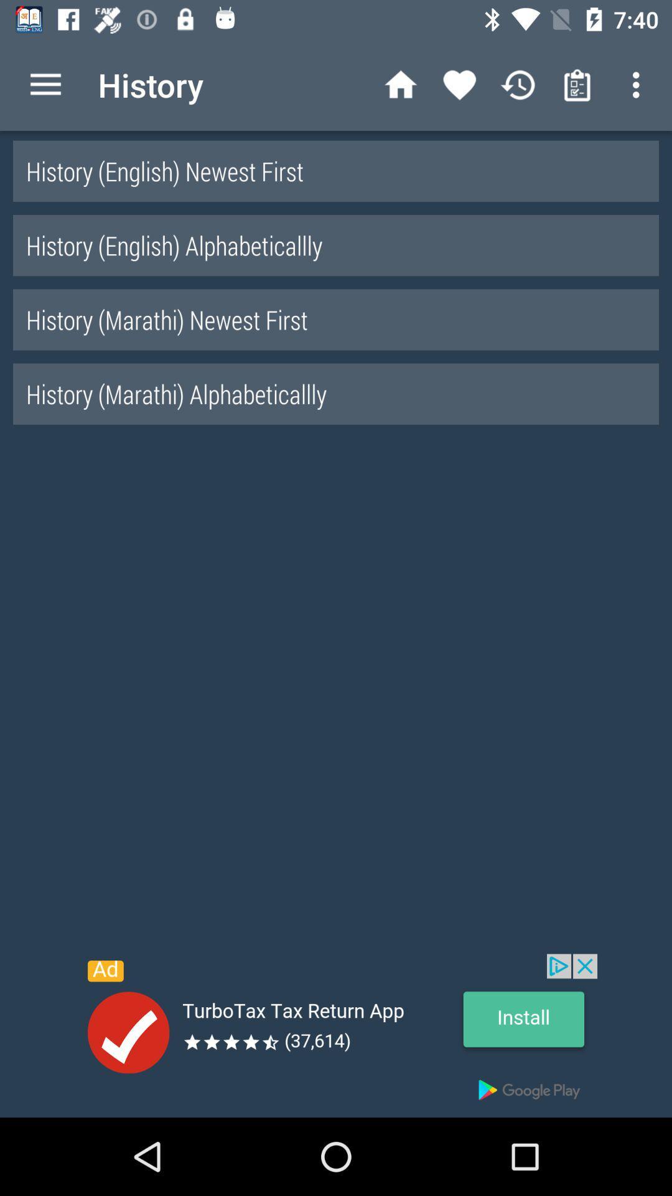 Image resolution: width=672 pixels, height=1196 pixels. What do you see at coordinates (639, 85) in the screenshot?
I see `the first button from top right` at bounding box center [639, 85].